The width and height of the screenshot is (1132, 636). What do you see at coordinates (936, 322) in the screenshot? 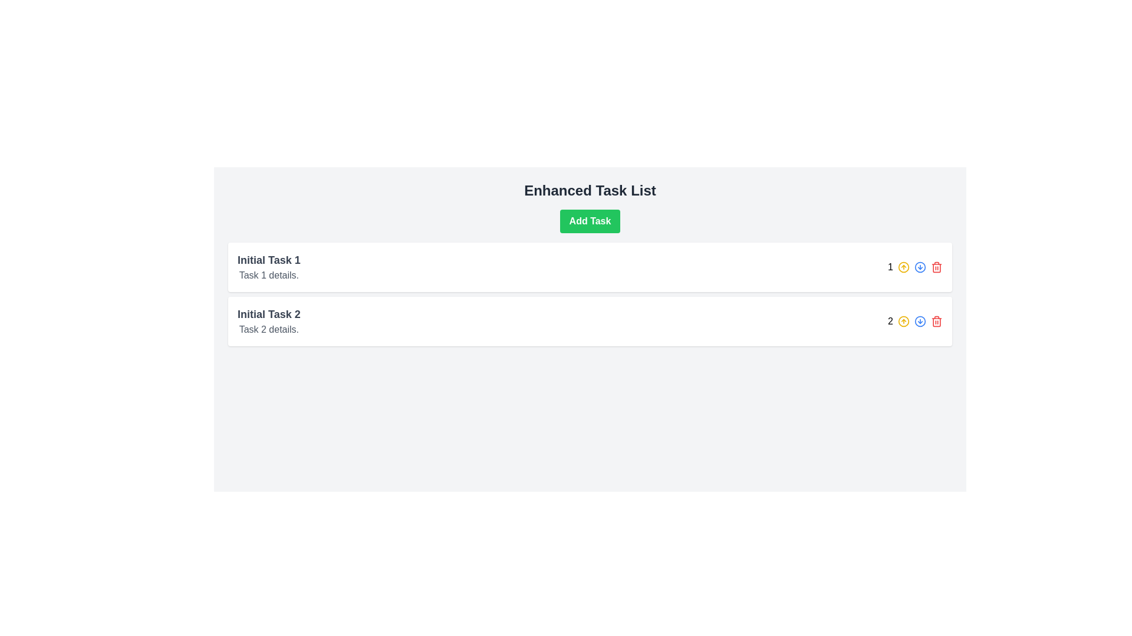
I see `the trash icon button, which is a red-colored icon resembling a garbage bin, located as the rightmost item in the control section of task row labeled '2'` at bounding box center [936, 322].